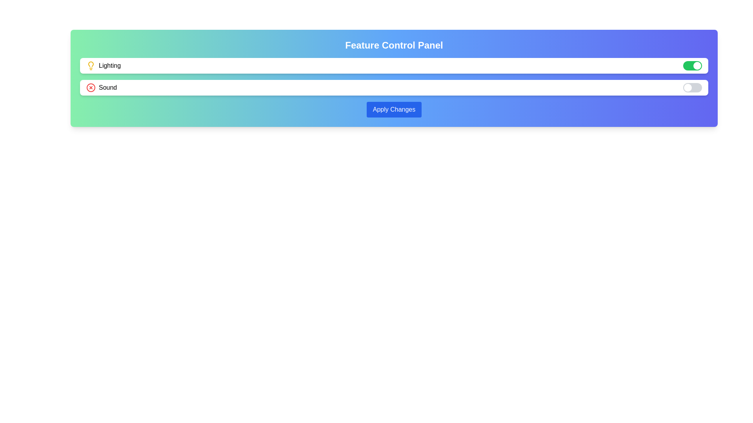  I want to click on the Text label describing sound-related configurations in the settings menu, positioned in the second row under 'Lighting' and above 'Apply Changes', so click(107, 87).